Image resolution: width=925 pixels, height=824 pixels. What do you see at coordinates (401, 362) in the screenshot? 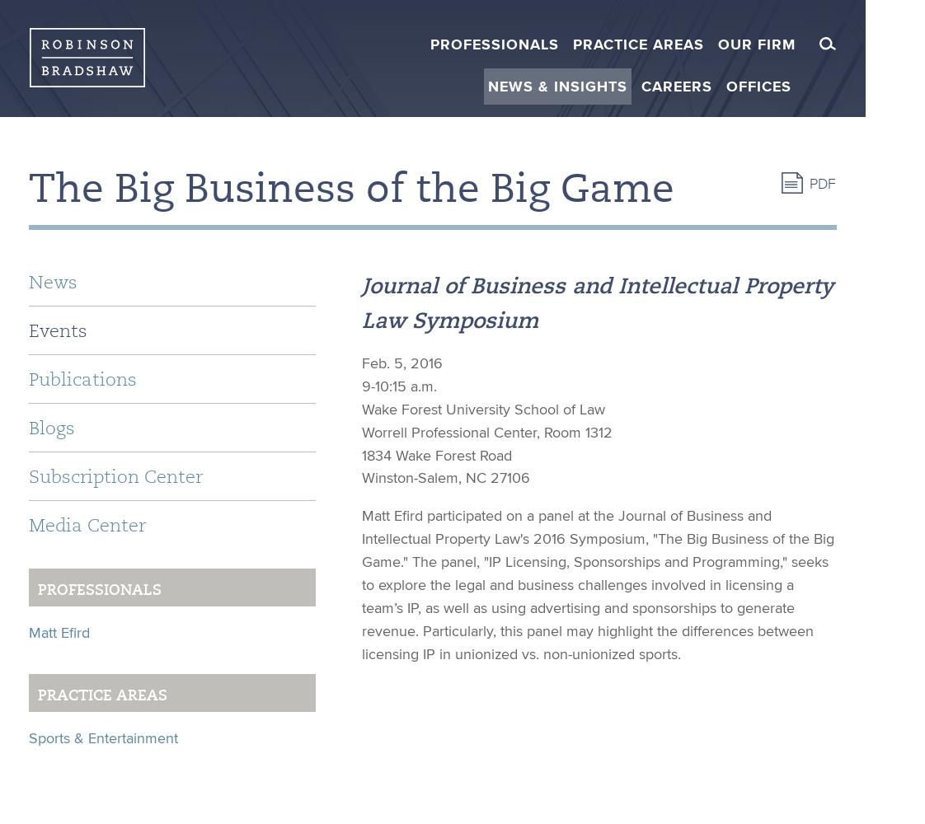
I see `'Feb. 5, 2016'` at bounding box center [401, 362].